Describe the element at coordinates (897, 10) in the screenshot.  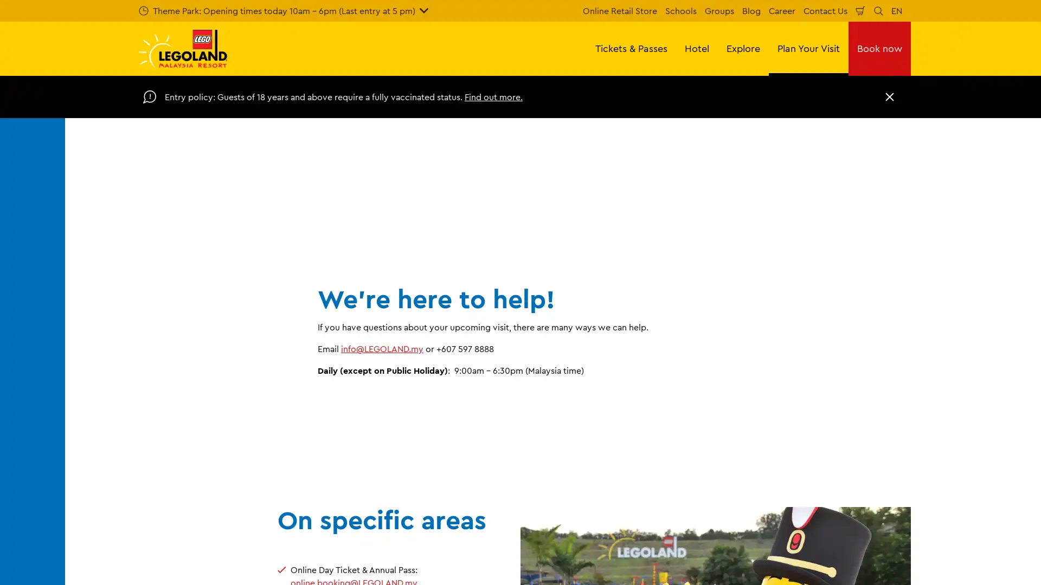
I see `EN Languages` at that location.